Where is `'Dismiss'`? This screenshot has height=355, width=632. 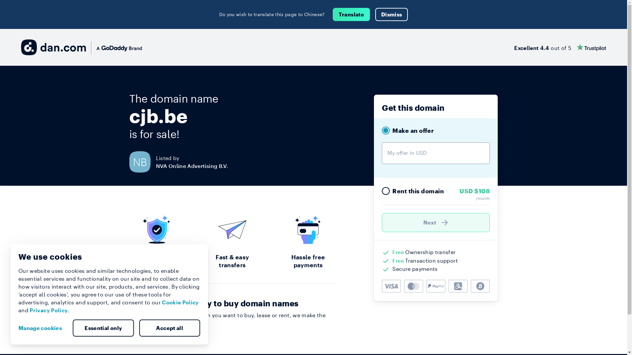
'Dismiss' is located at coordinates (391, 14).